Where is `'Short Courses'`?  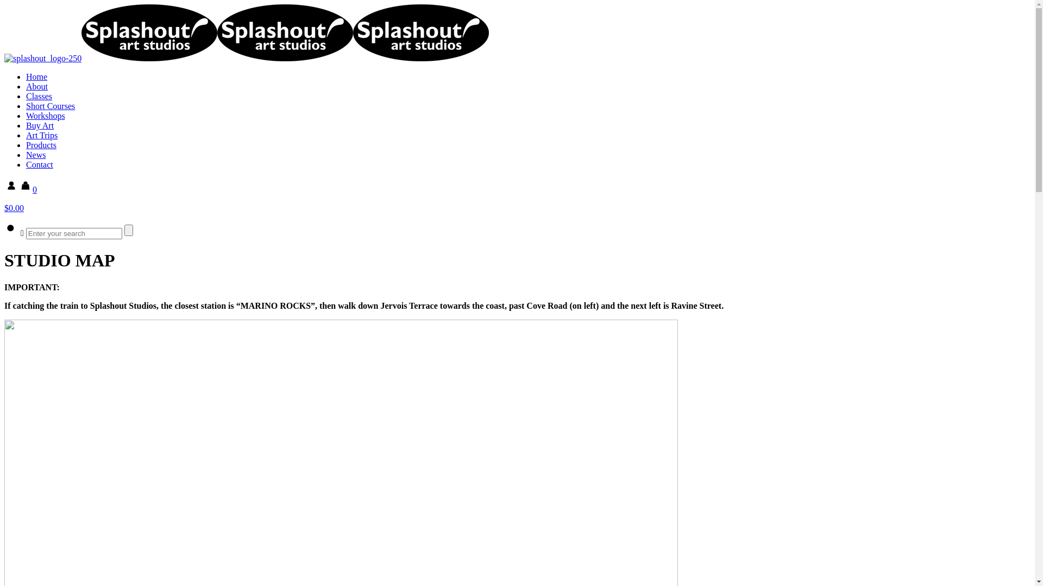
'Short Courses' is located at coordinates (49, 106).